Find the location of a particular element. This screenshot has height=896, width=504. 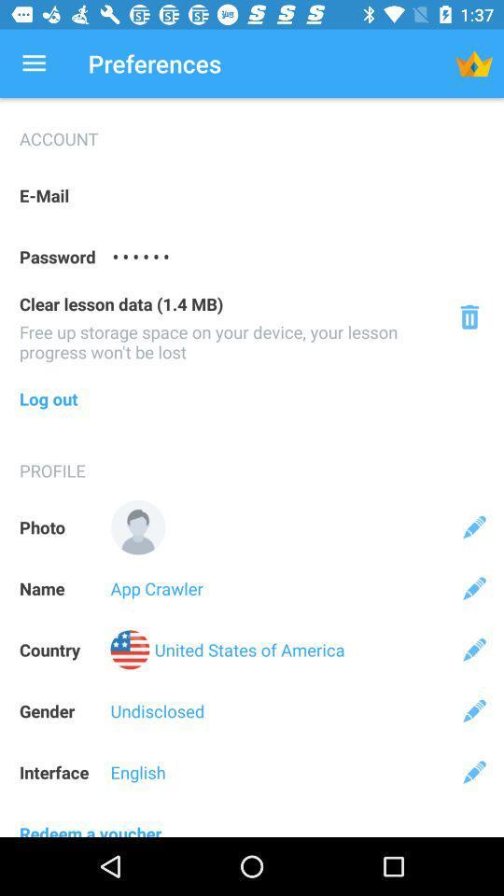

click edit option is located at coordinates (474, 587).